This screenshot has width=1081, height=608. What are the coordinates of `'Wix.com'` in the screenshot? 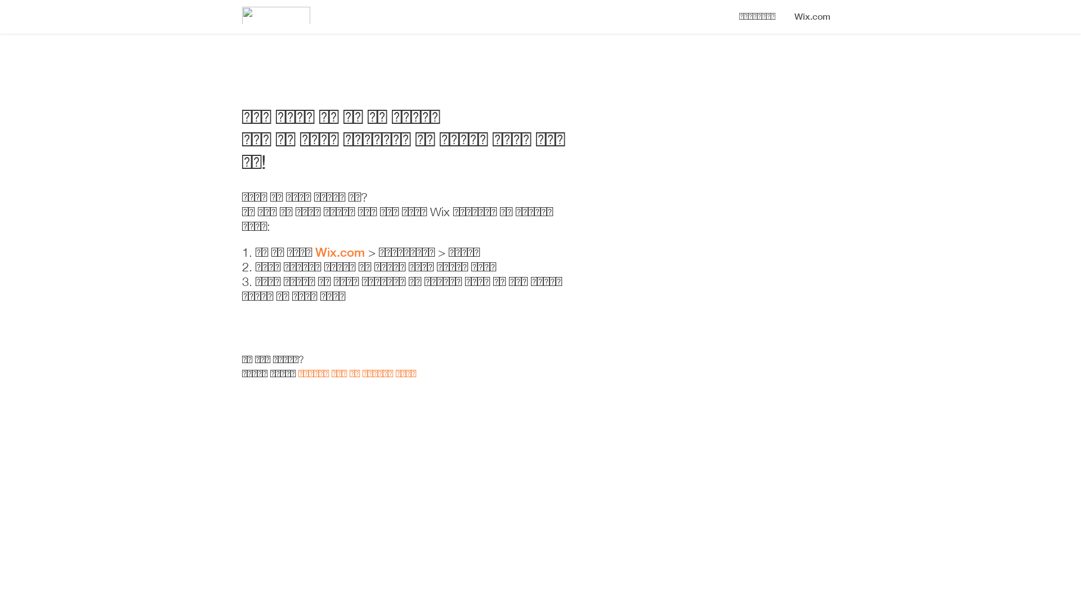 It's located at (315, 251).